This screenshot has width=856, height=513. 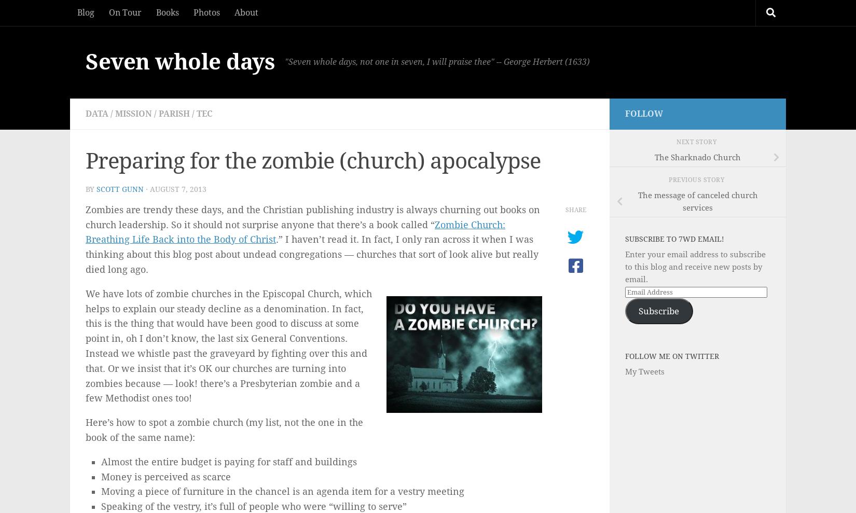 What do you see at coordinates (96, 114) in the screenshot?
I see `'data'` at bounding box center [96, 114].